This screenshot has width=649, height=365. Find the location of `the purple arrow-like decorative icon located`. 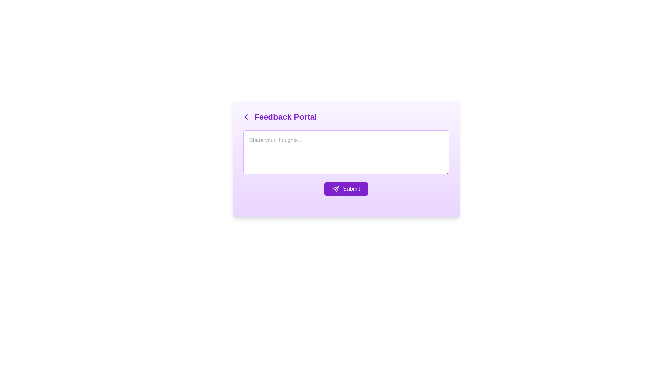

the purple arrow-like decorative icon located is located at coordinates (335, 189).